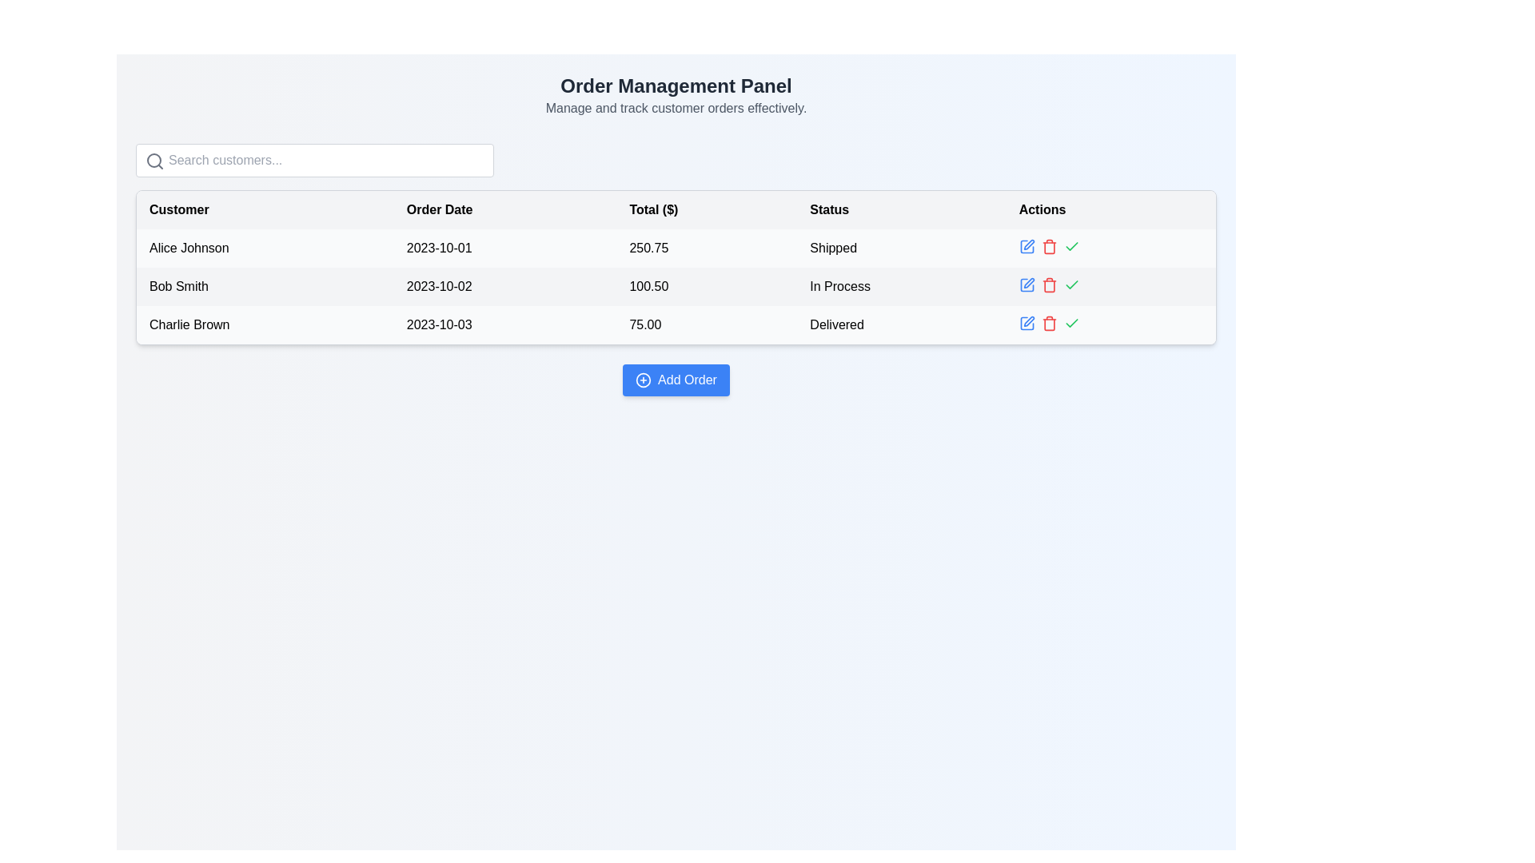 The width and height of the screenshot is (1535, 863). What do you see at coordinates (1071, 284) in the screenshot?
I see `the checkmark icon located in the 'Actions' column of the second row of the data table` at bounding box center [1071, 284].